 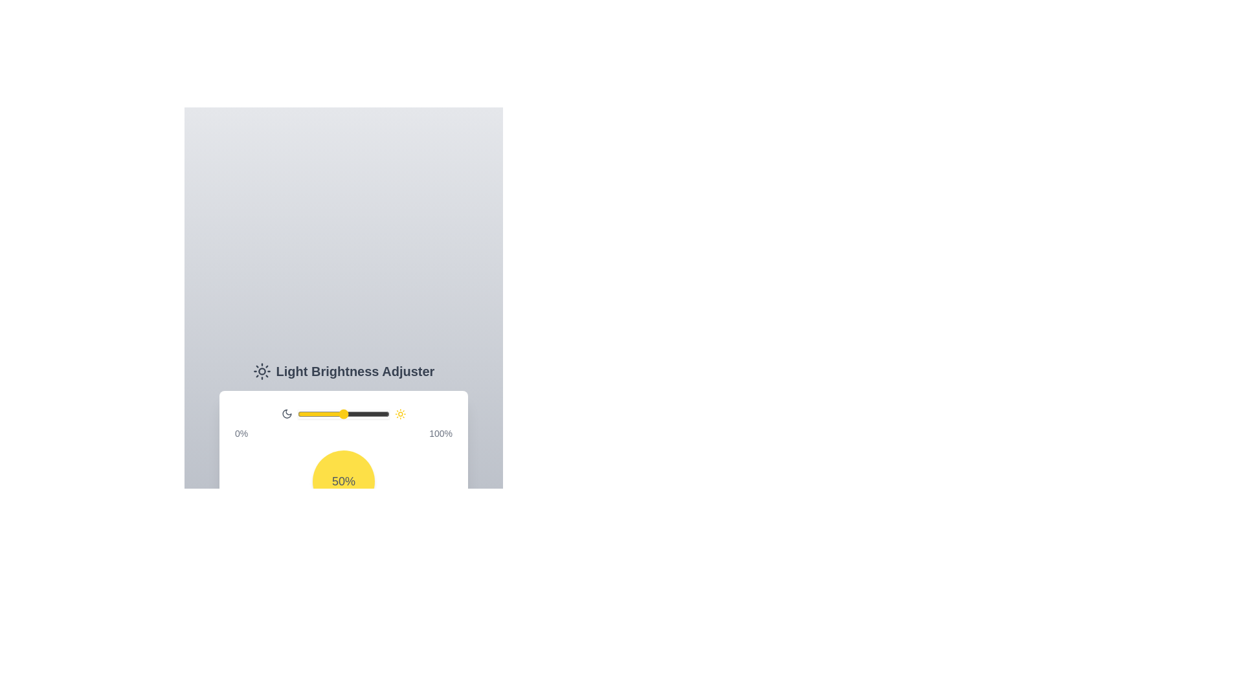 What do you see at coordinates (385, 414) in the screenshot?
I see `the brightness to 96%` at bounding box center [385, 414].